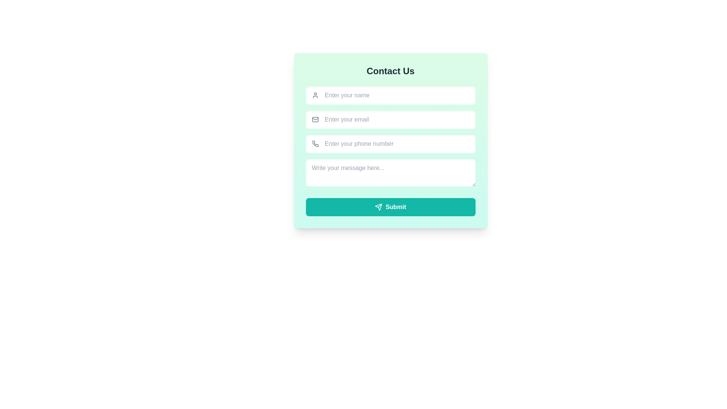 The image size is (727, 409). I want to click on the submit button located at the bottom section of the contact form to trigger a visual change, so click(390, 207).